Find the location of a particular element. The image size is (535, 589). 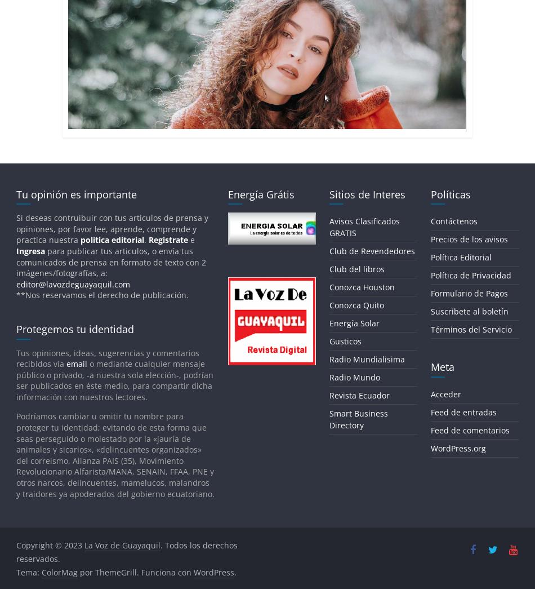

'Energía Solar' is located at coordinates (354, 323).